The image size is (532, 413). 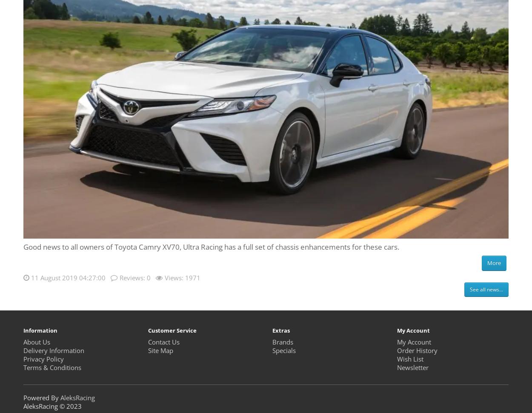 What do you see at coordinates (284, 350) in the screenshot?
I see `'Specials'` at bounding box center [284, 350].